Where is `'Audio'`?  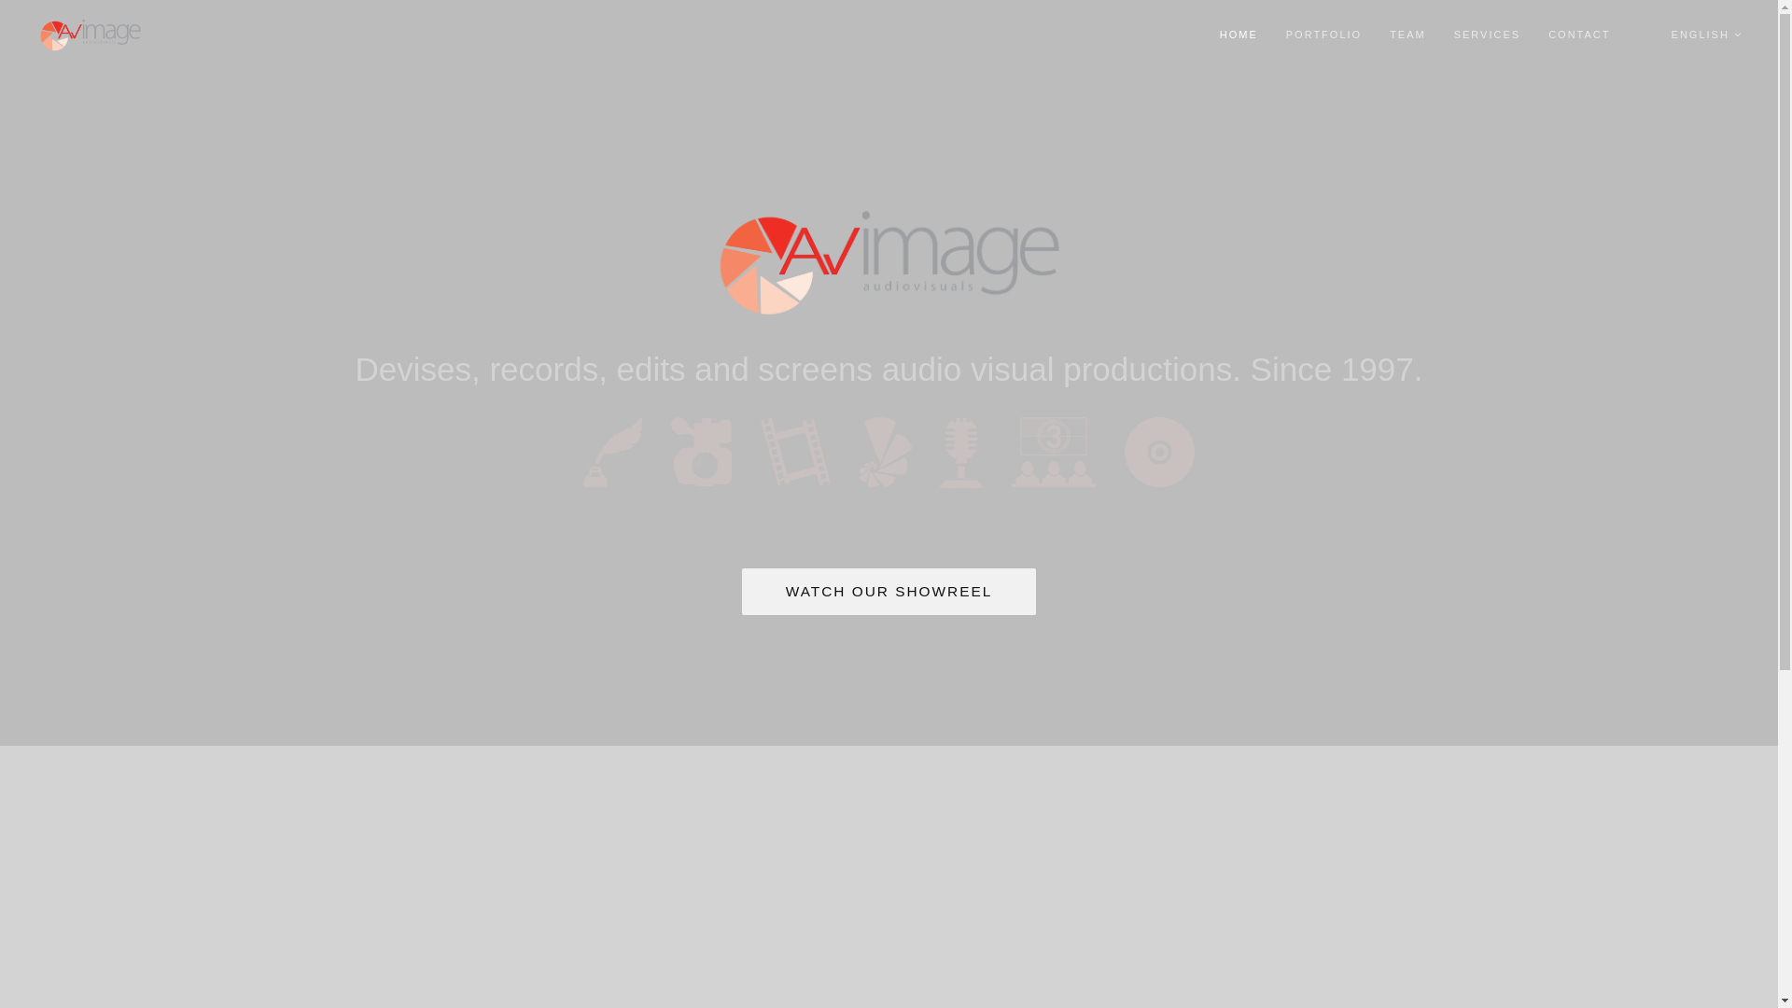
'Audio' is located at coordinates (961, 452).